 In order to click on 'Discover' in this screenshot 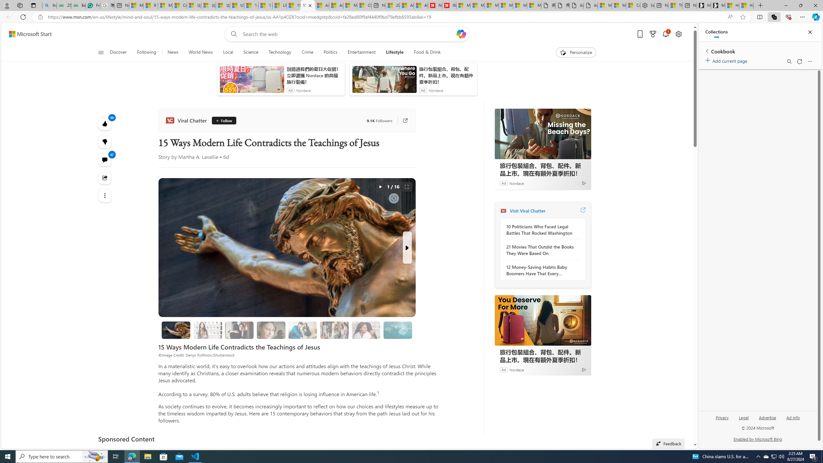, I will do `click(118, 52)`.